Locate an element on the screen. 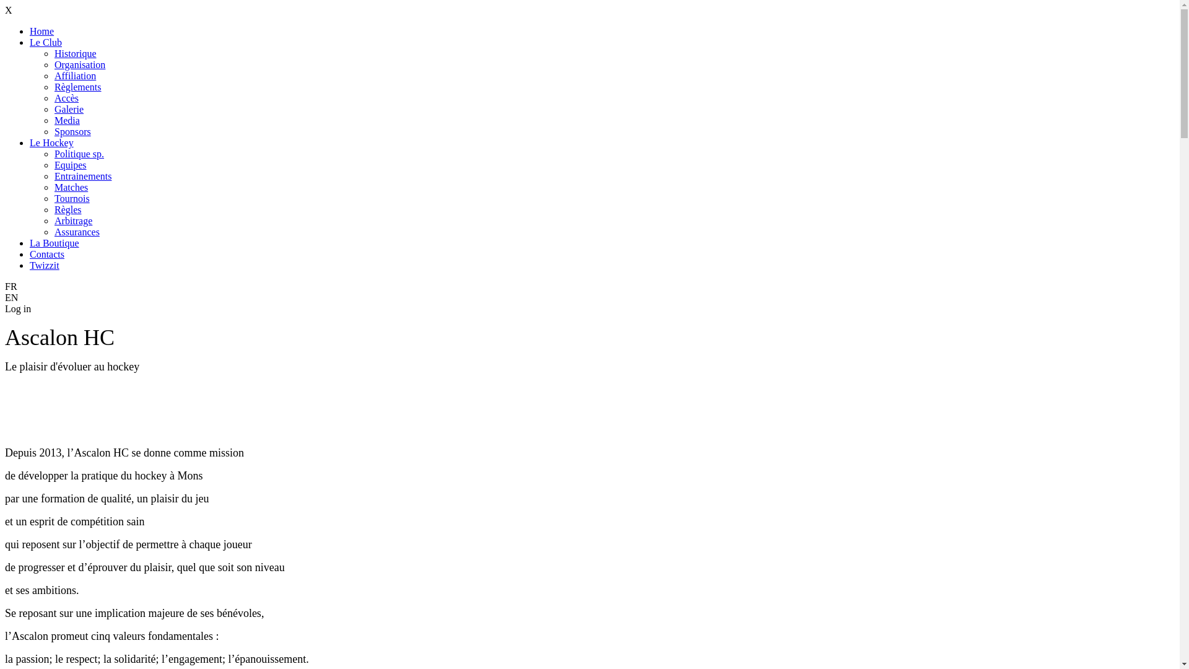 Image resolution: width=1189 pixels, height=669 pixels. 'Contacts' is located at coordinates (47, 253).